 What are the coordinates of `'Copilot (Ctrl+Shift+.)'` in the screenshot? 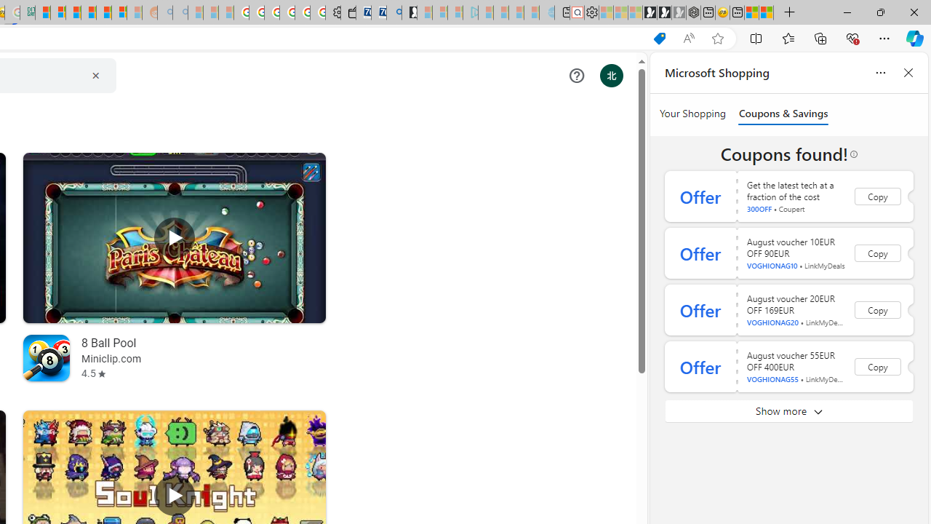 It's located at (914, 37).